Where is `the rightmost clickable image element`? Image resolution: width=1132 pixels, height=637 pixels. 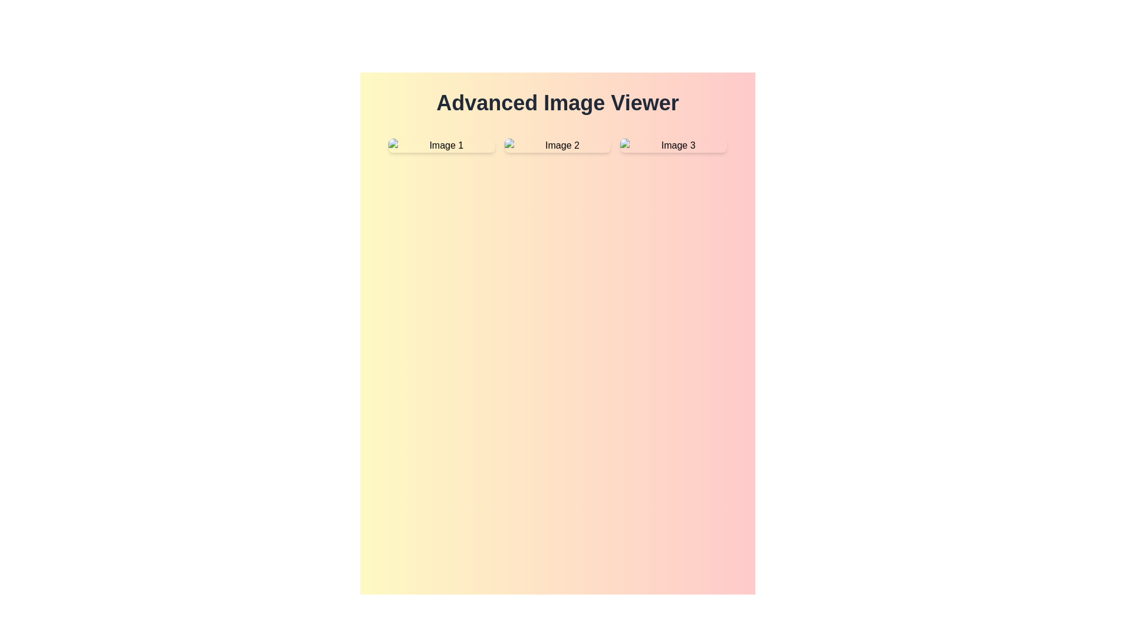 the rightmost clickable image element is located at coordinates (673, 145).